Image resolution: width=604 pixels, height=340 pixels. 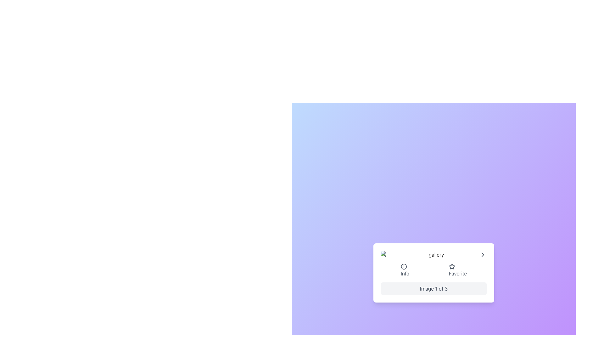 I want to click on the left-pointing gray arrow icon used for navigation in the gallery to change its color to indigo, so click(x=384, y=254).